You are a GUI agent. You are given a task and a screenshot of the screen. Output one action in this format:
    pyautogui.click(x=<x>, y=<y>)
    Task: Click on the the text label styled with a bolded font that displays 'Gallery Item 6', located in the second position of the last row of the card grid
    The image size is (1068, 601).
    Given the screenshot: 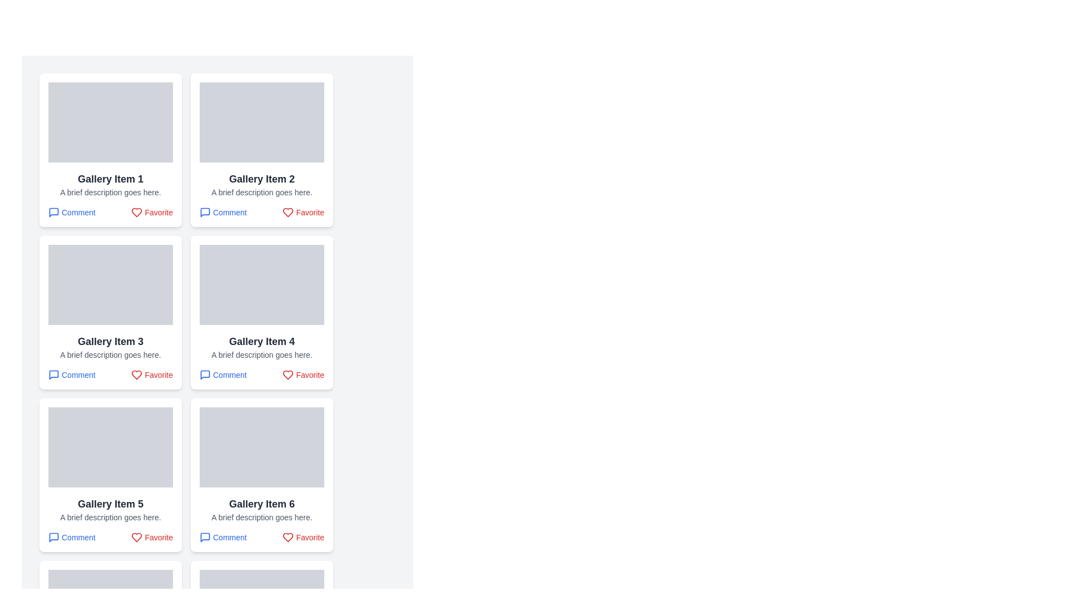 What is the action you would take?
    pyautogui.click(x=261, y=504)
    